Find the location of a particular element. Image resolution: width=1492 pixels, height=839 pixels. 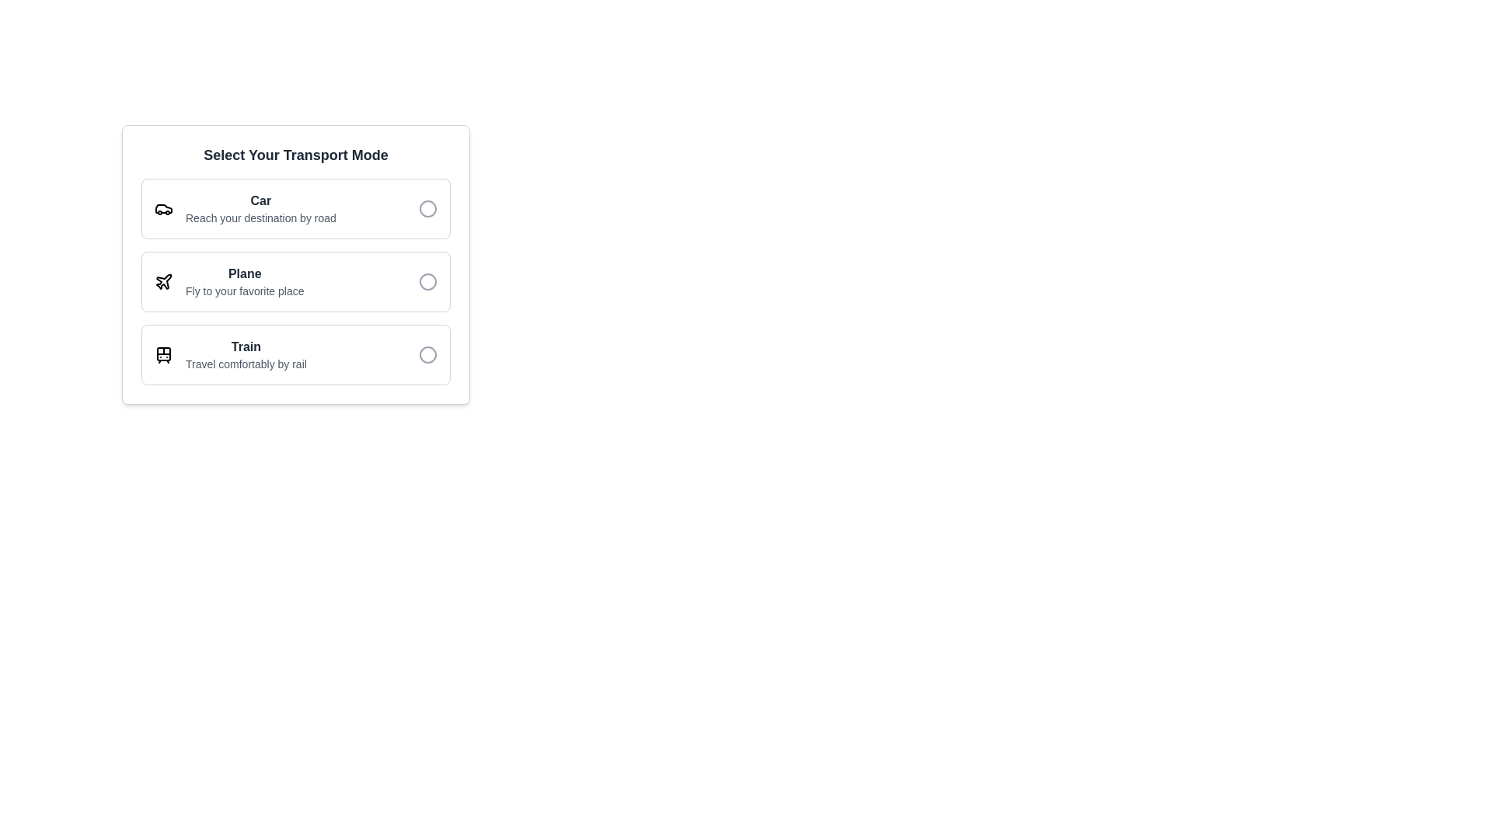

the radio button for the 'Train' option, which is a circular icon with a gray border located in the selectable transport mode list is located at coordinates (428, 354).